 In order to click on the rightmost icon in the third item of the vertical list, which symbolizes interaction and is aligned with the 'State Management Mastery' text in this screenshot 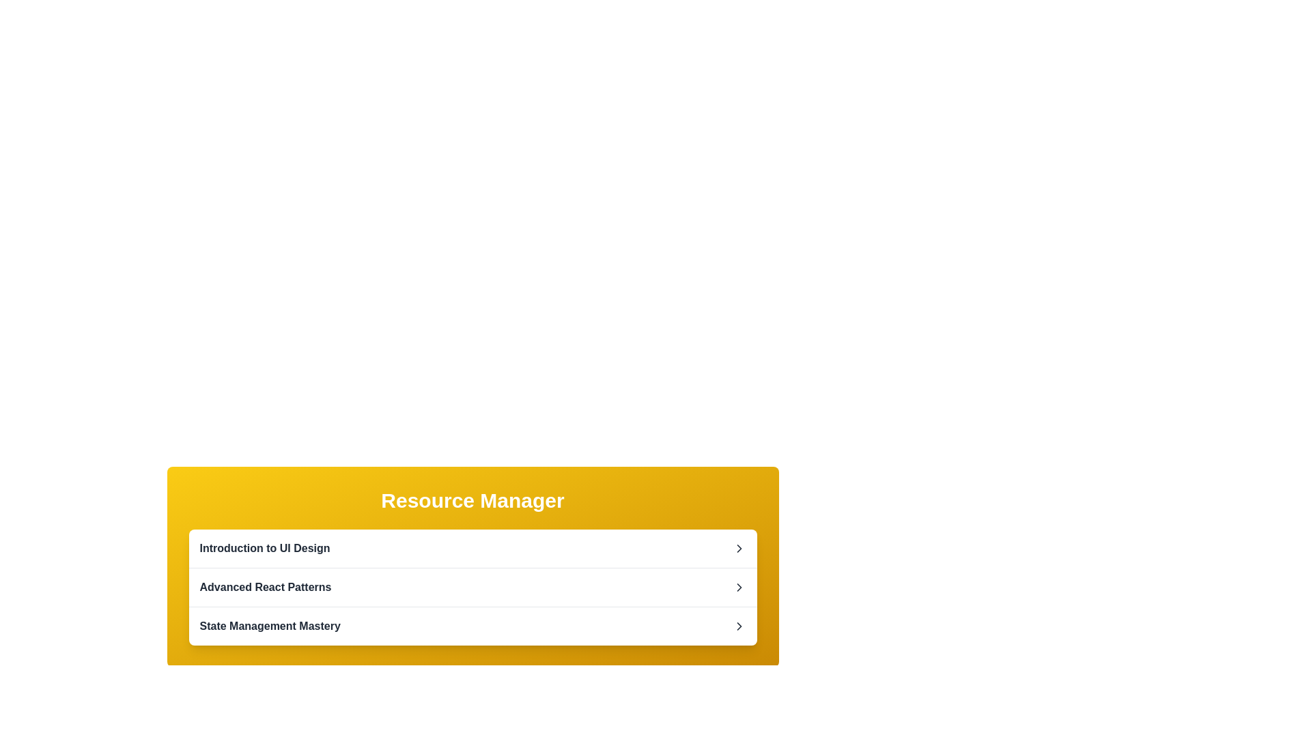, I will do `click(738, 626)`.